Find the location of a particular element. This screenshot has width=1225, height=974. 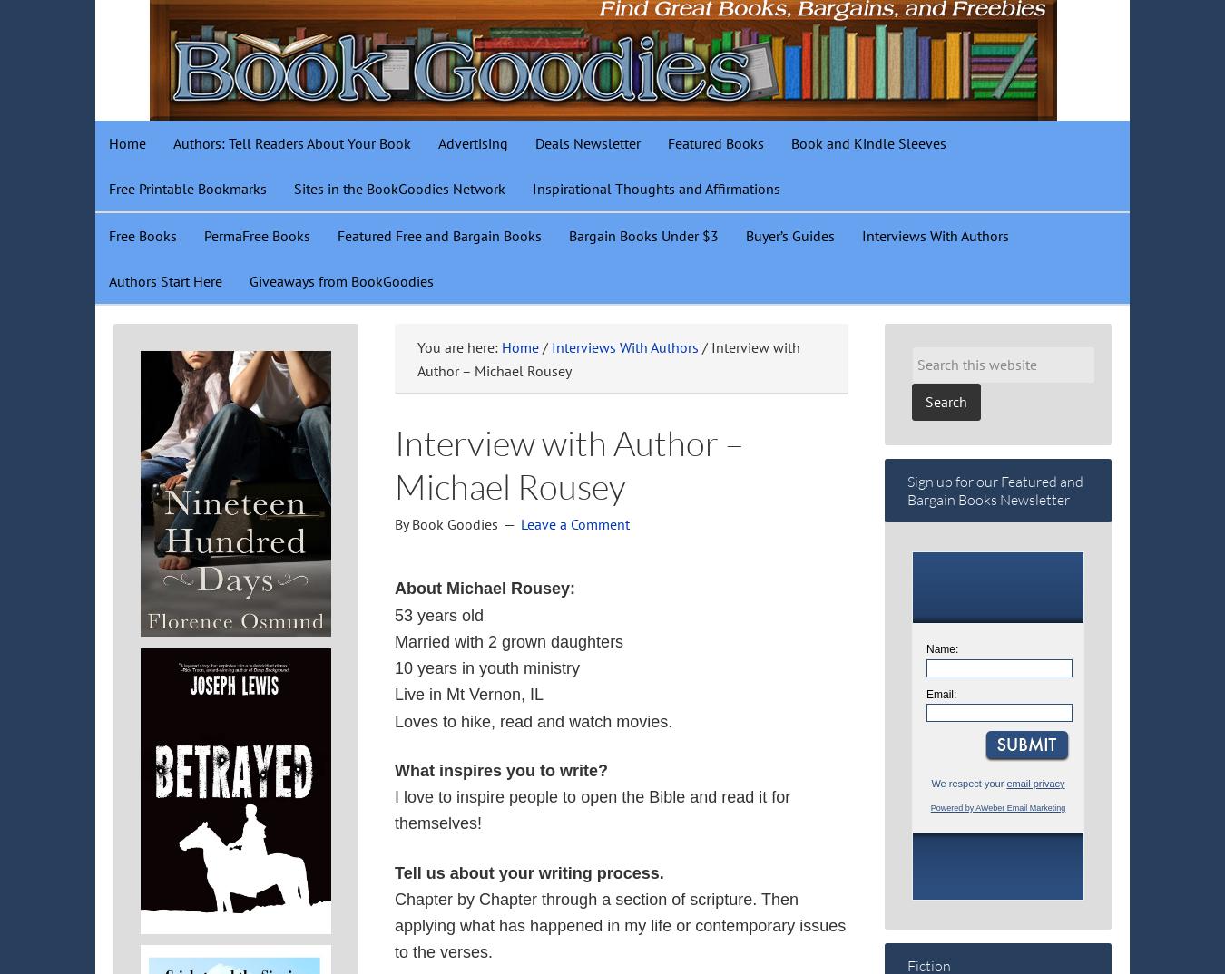

'Leave a Comment' is located at coordinates (574, 523).